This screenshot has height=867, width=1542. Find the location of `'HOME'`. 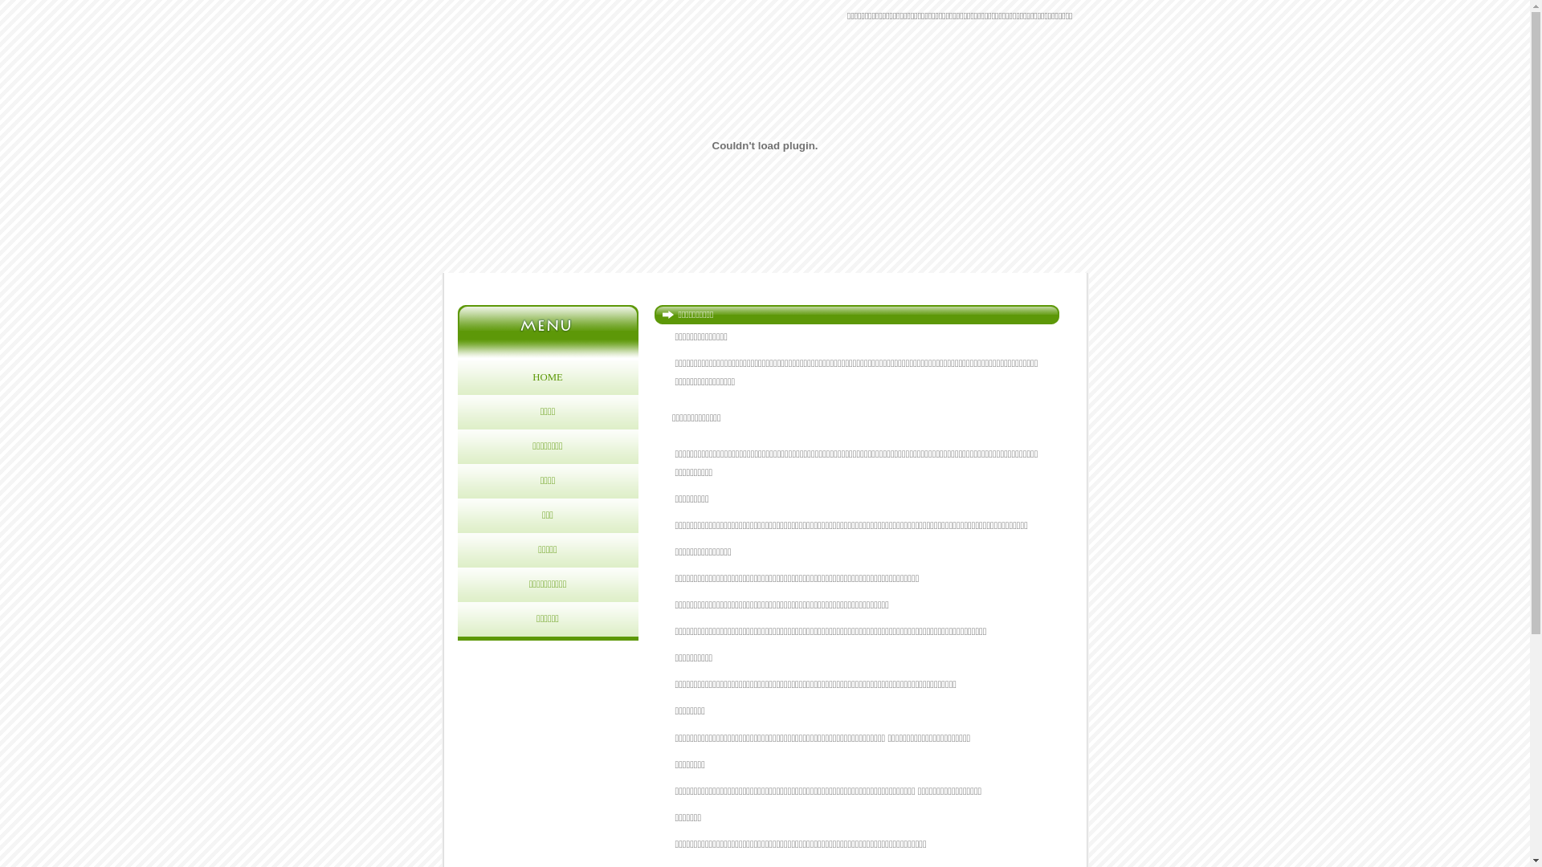

'HOME' is located at coordinates (548, 377).